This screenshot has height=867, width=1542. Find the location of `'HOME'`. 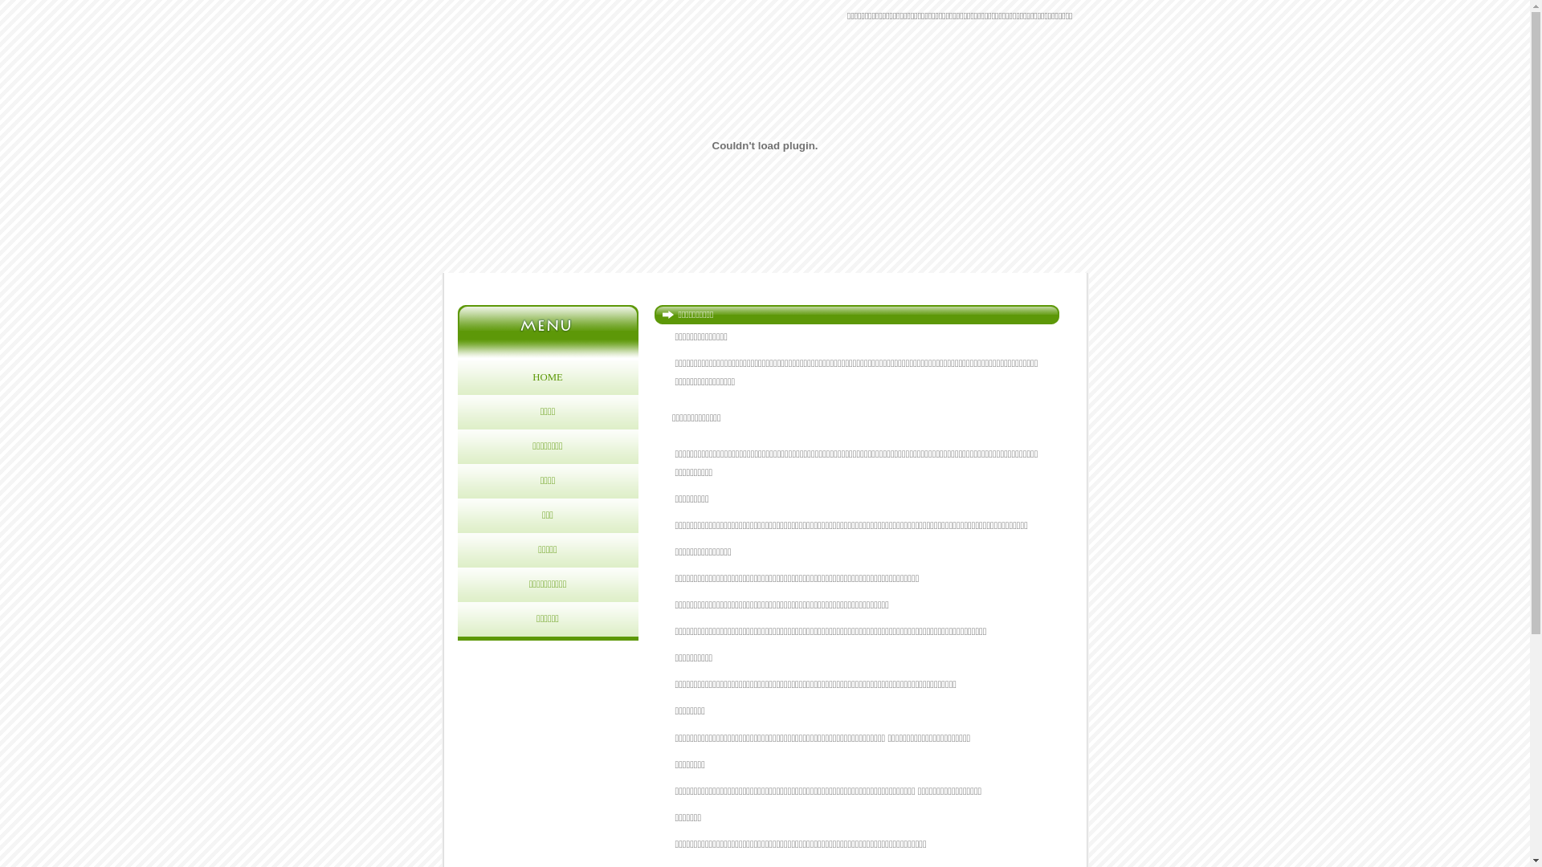

'HOME' is located at coordinates (548, 377).